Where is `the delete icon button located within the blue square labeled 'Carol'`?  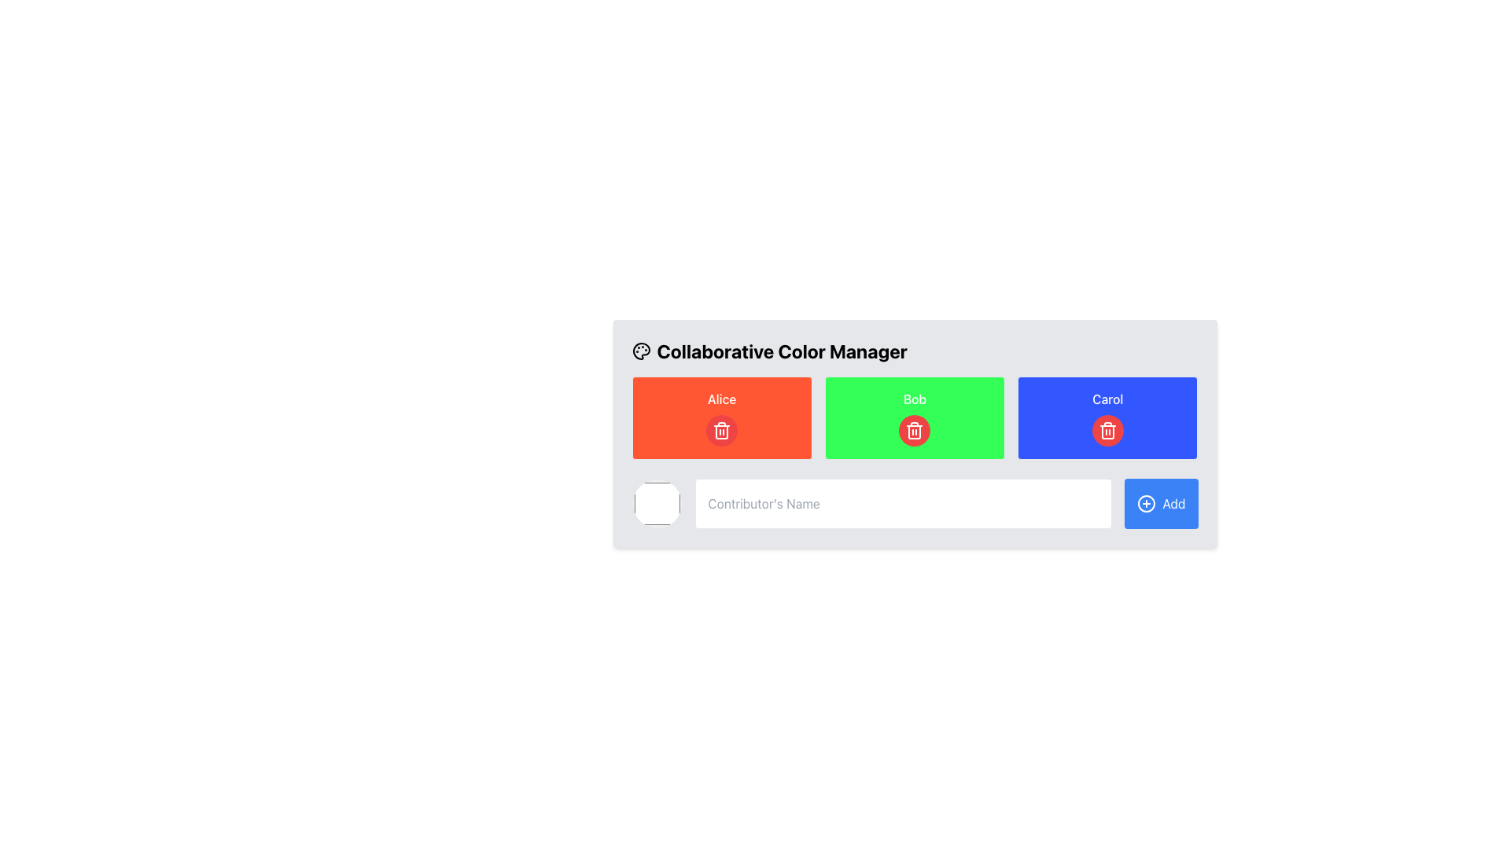
the delete icon button located within the blue square labeled 'Carol' is located at coordinates (1107, 430).